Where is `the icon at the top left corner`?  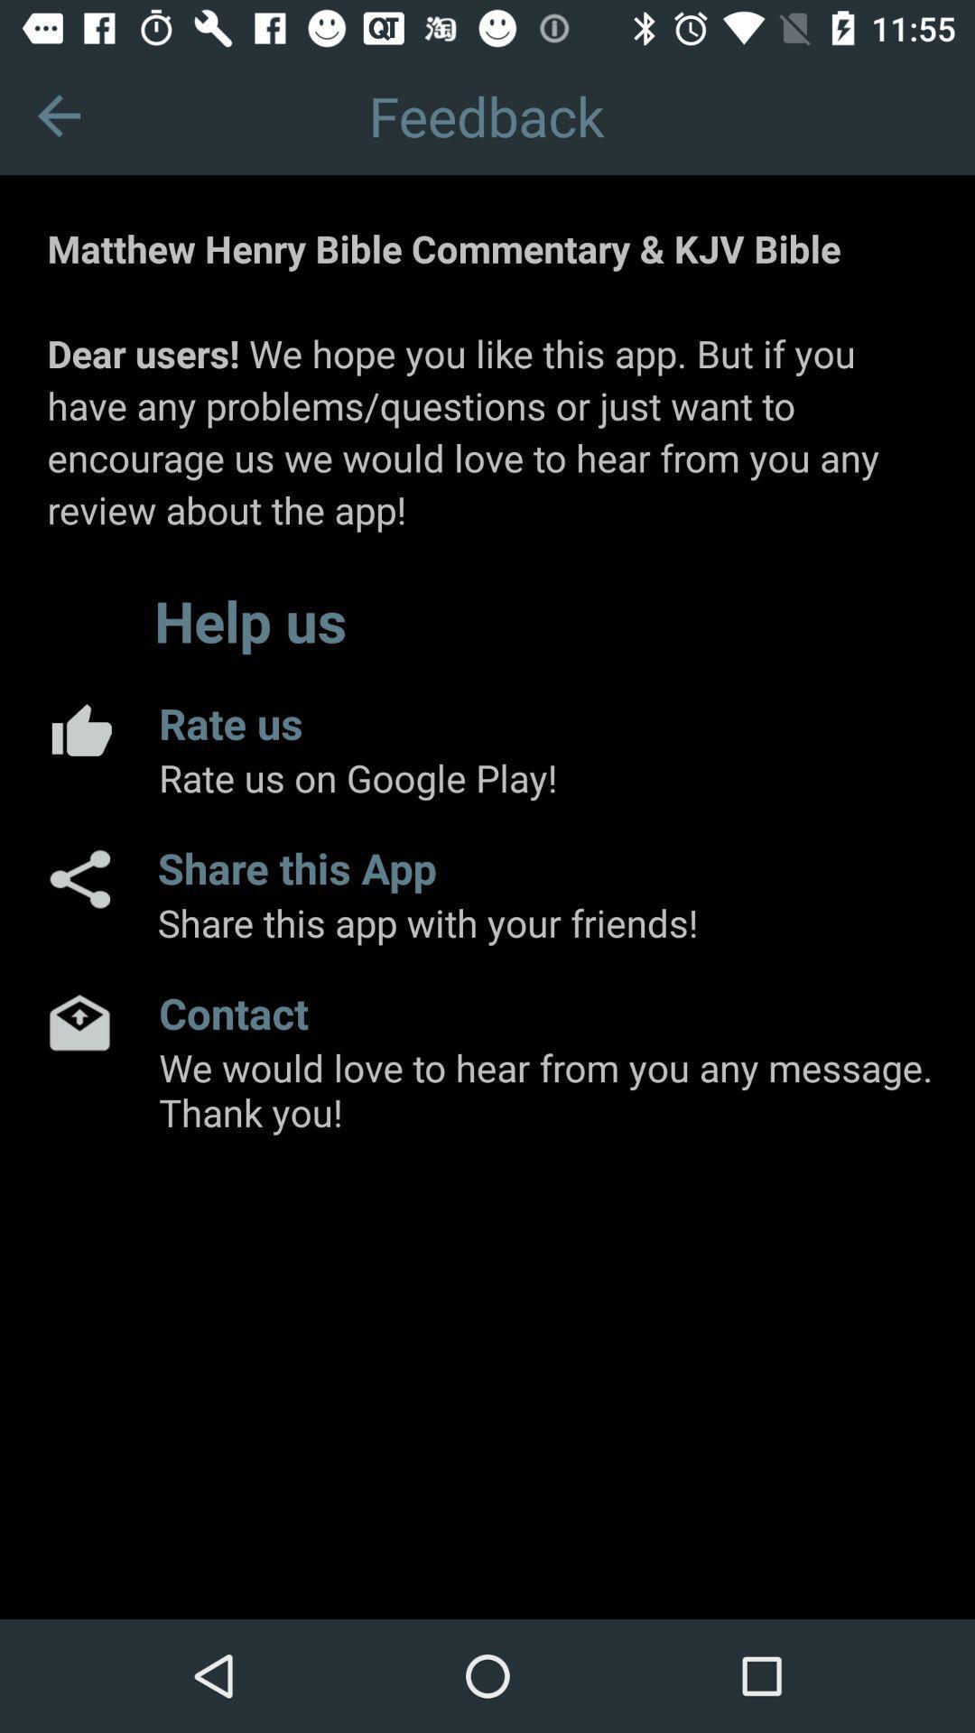
the icon at the top left corner is located at coordinates (58, 115).